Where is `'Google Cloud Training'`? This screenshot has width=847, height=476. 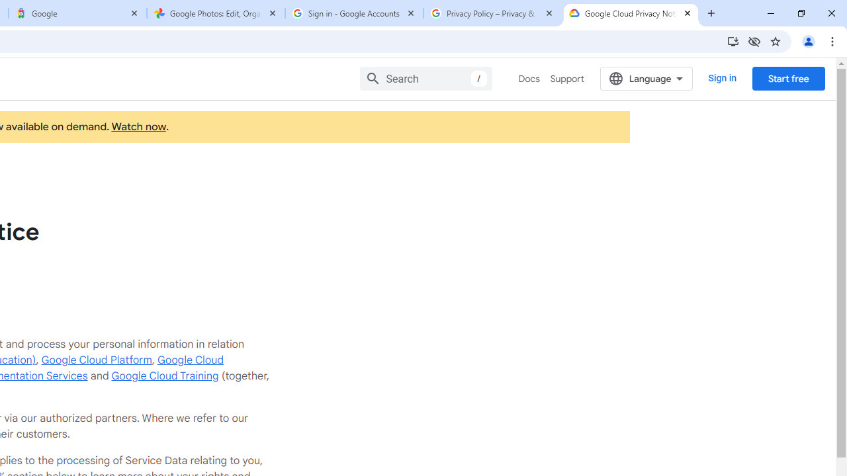 'Google Cloud Training' is located at coordinates (164, 376).